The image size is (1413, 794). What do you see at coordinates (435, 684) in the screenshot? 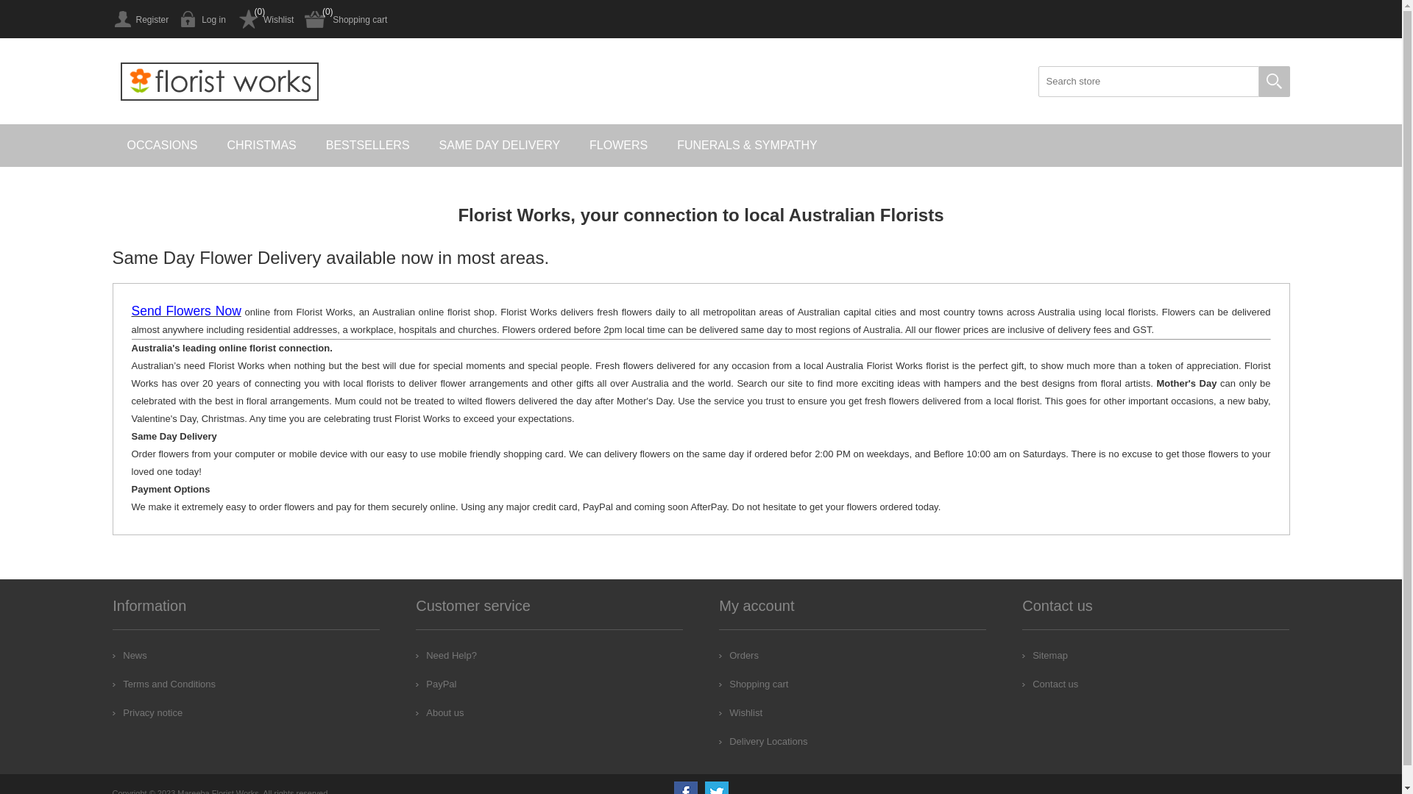
I see `'PayPal'` at bounding box center [435, 684].